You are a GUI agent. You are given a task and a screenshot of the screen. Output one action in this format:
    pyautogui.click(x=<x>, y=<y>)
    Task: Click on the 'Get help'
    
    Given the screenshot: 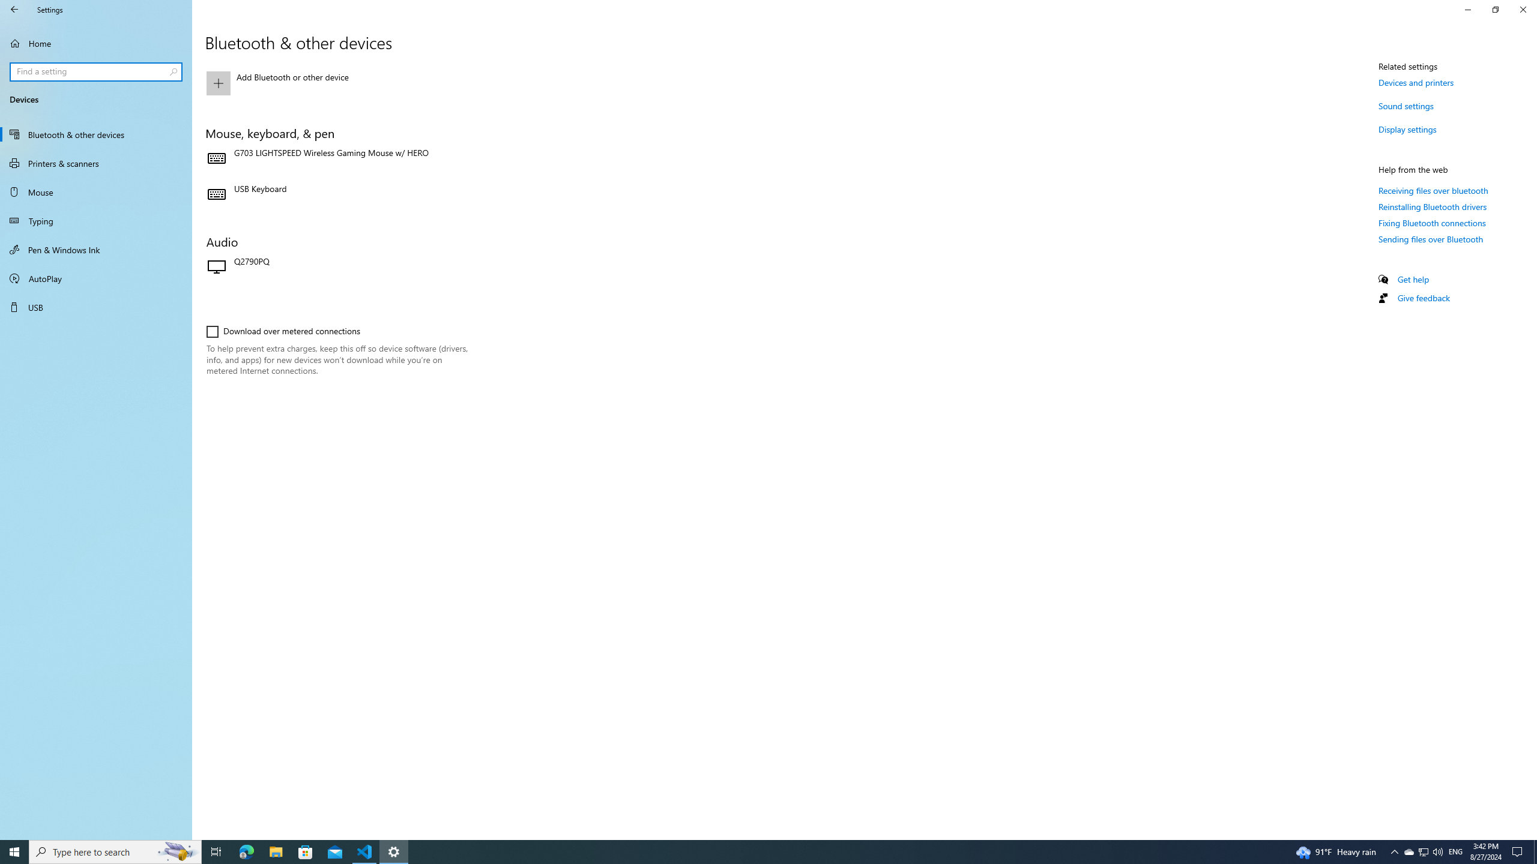 What is the action you would take?
    pyautogui.click(x=1412, y=278)
    